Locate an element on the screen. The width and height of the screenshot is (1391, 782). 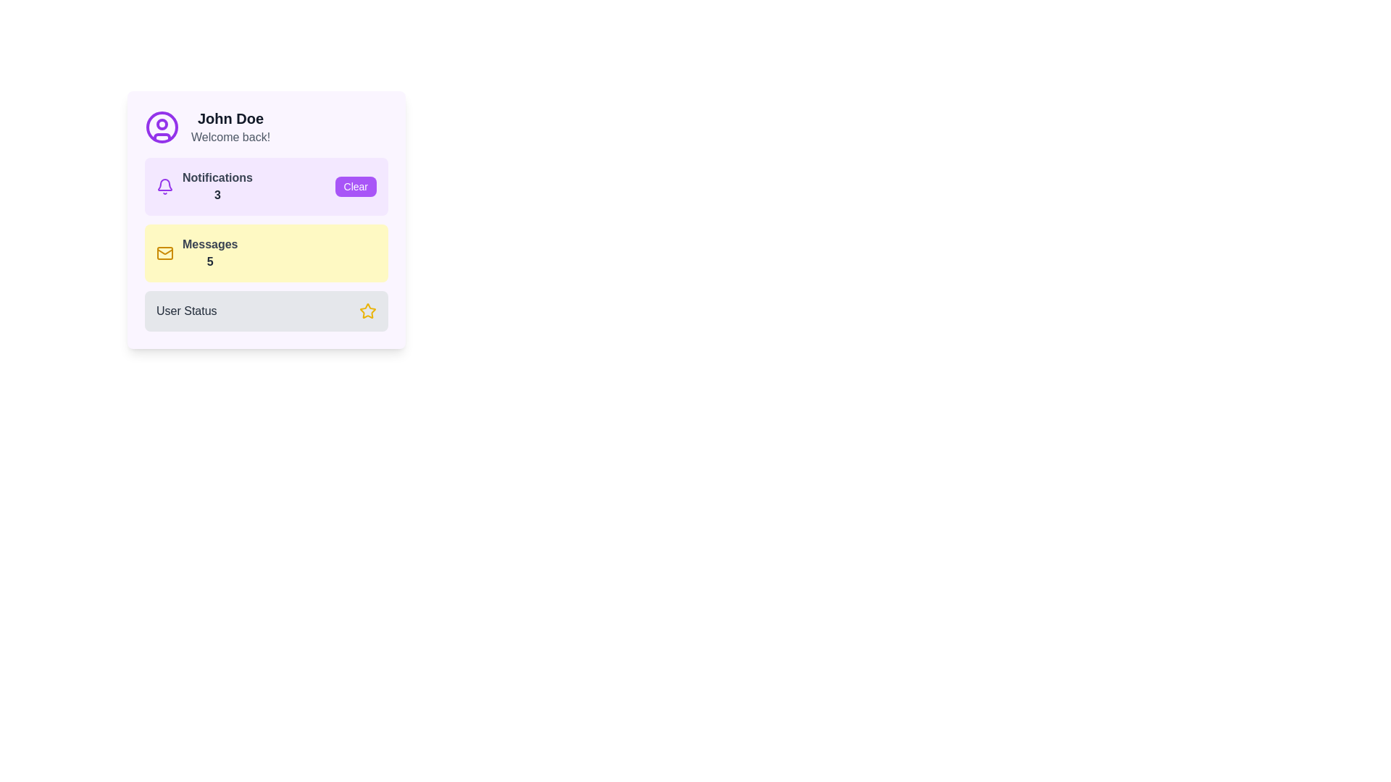
text content displaying the label 'Messages' and the number of messages '5', located in the middle section of the UI to the right of a yellow mail icon is located at coordinates (209, 253).